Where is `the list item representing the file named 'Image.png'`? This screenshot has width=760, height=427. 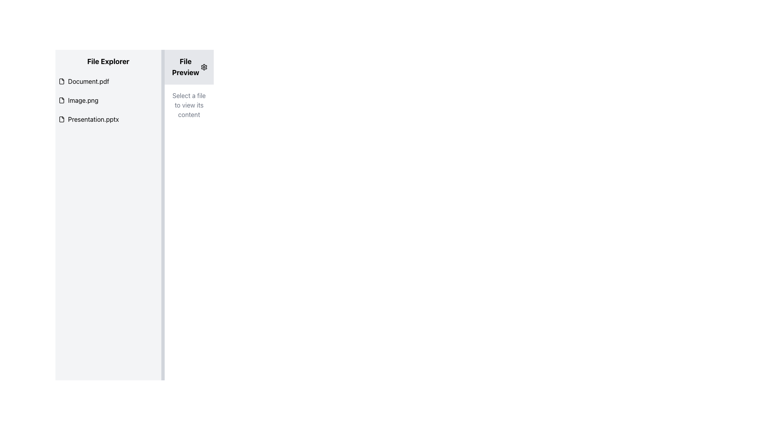 the list item representing the file named 'Image.png' is located at coordinates (108, 100).